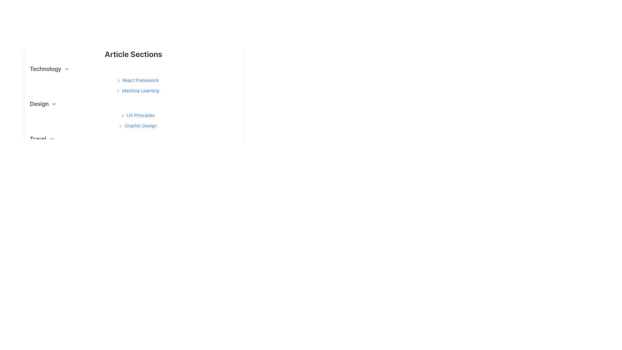  I want to click on the Internal icon located to the left of the 'Graphic Design' text link in the 'Article Sections' area, so click(121, 126).